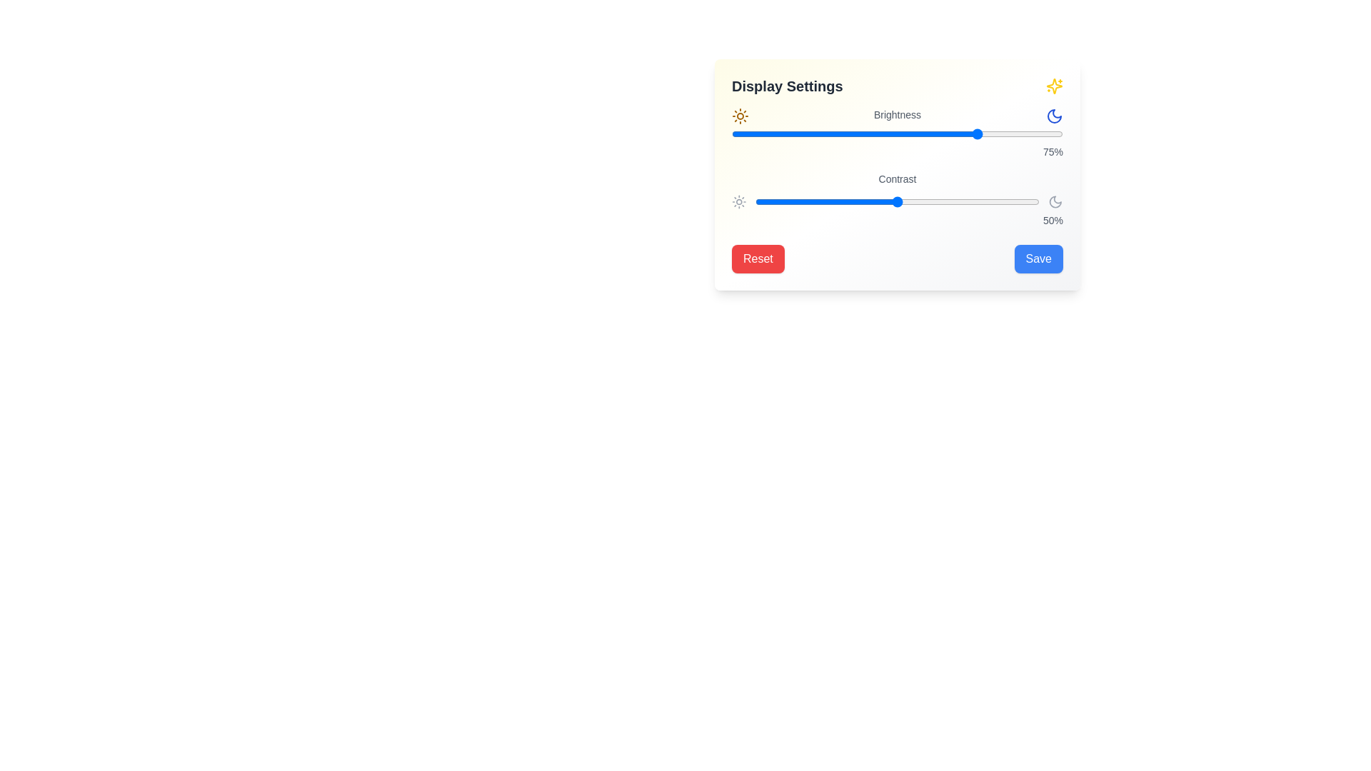 The height and width of the screenshot is (771, 1371). What do you see at coordinates (957, 201) in the screenshot?
I see `contrast` at bounding box center [957, 201].